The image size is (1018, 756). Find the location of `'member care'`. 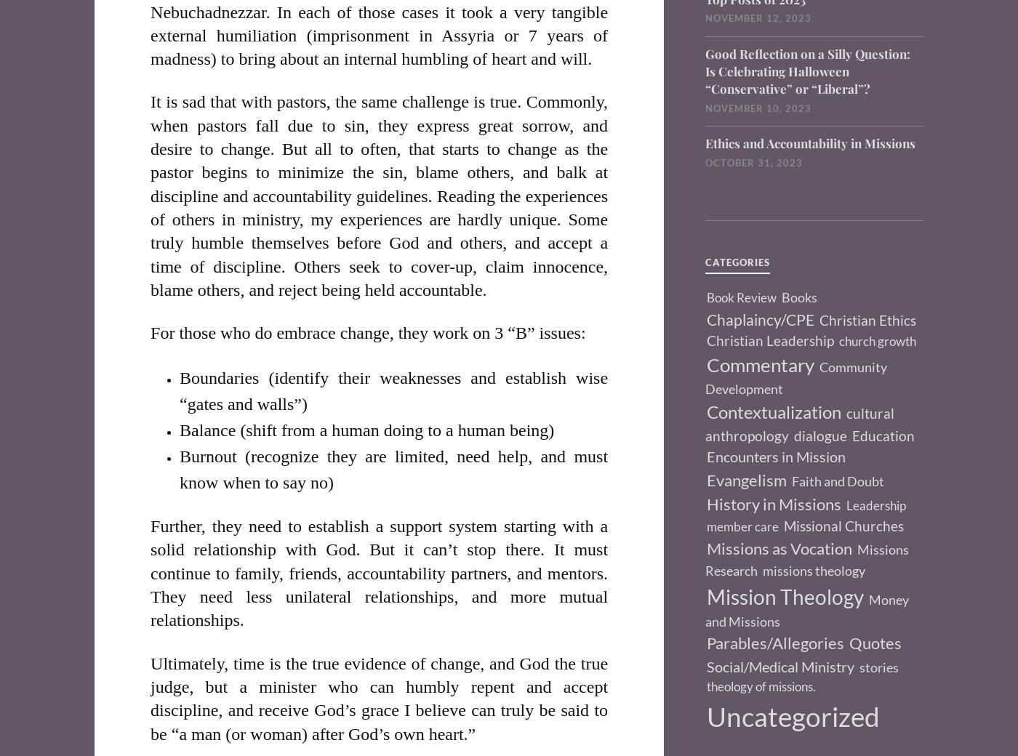

'member care' is located at coordinates (707, 526).